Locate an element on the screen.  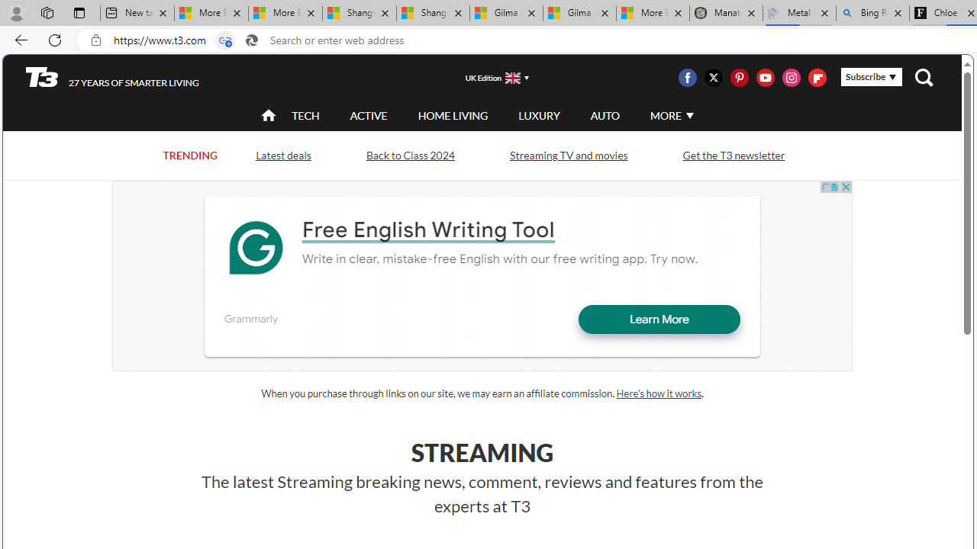
'Manatee Mortality Statistics | FWC' is located at coordinates (725, 13).